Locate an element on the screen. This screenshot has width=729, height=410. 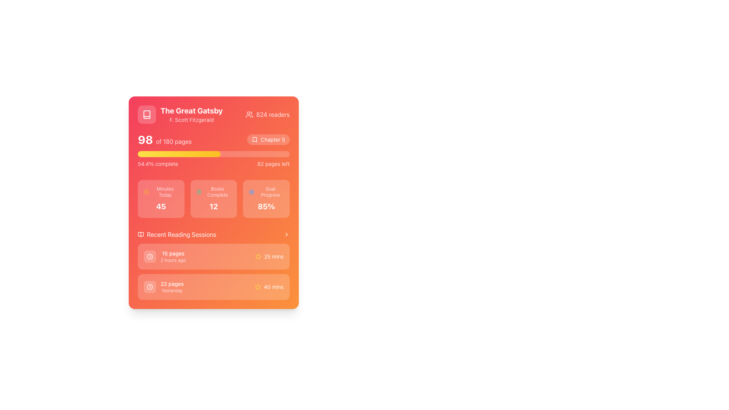
current reading progress displayed in the Text element located at the upper section of the panel, positioned left of 'Chapter 5' is located at coordinates (164, 139).